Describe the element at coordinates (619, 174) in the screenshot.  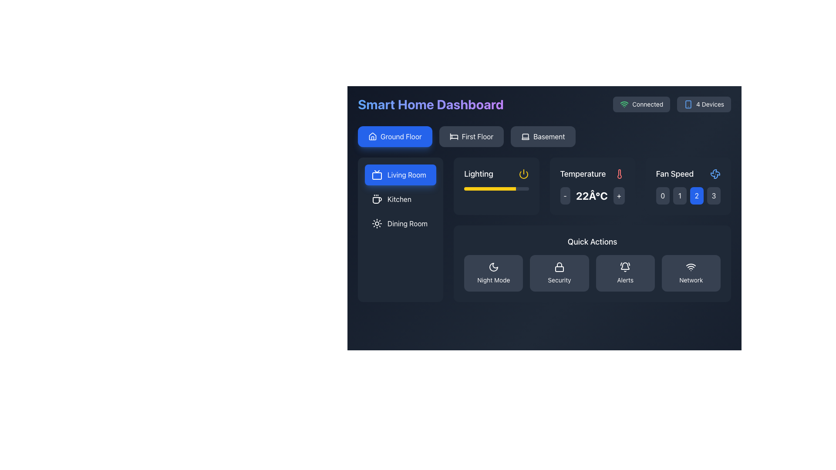
I see `the red thermometer icon located to the right of the 'Temperature' label and numeric value in the top right area of the interface` at that location.